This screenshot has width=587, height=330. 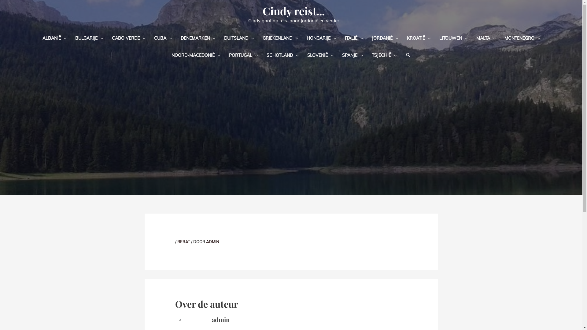 I want to click on 'DUITSLAND', so click(x=238, y=38).